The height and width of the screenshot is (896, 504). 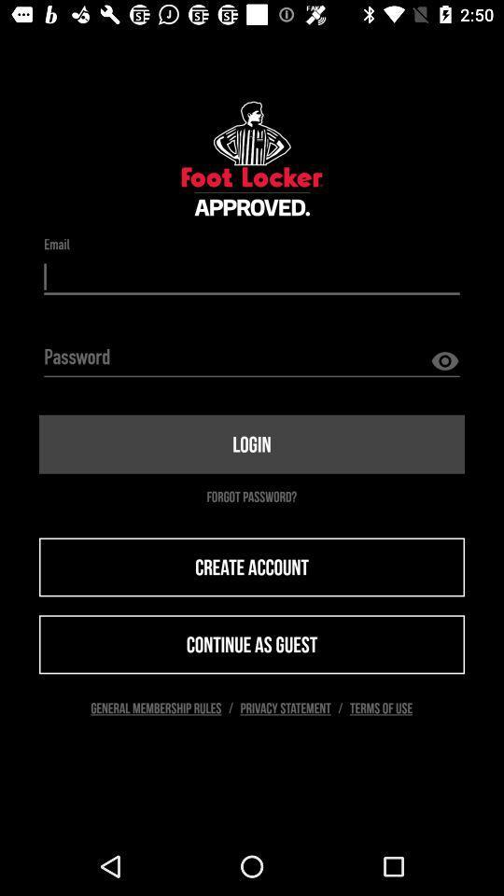 What do you see at coordinates (443, 361) in the screenshot?
I see `the visibility icon` at bounding box center [443, 361].